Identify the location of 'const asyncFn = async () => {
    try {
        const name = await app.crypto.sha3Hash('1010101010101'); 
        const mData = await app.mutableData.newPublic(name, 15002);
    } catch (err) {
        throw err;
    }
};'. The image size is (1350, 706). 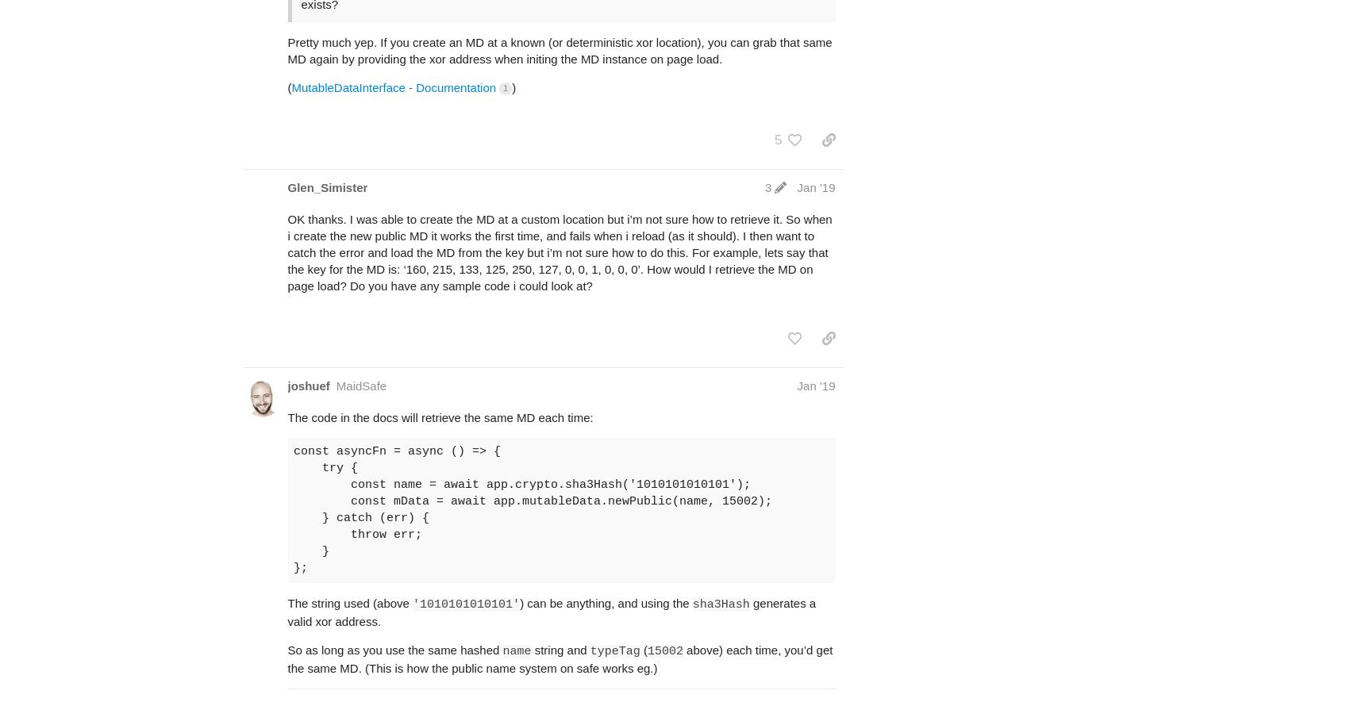
(532, 510).